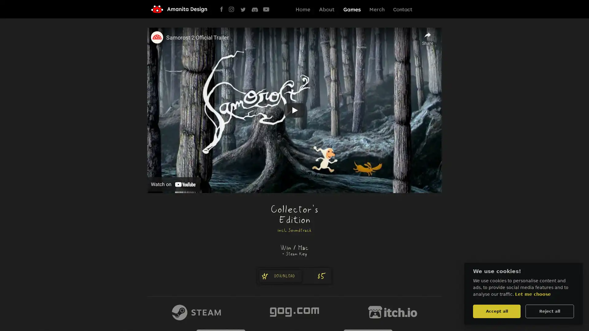 The image size is (589, 331). I want to click on Accept all, so click(496, 311).